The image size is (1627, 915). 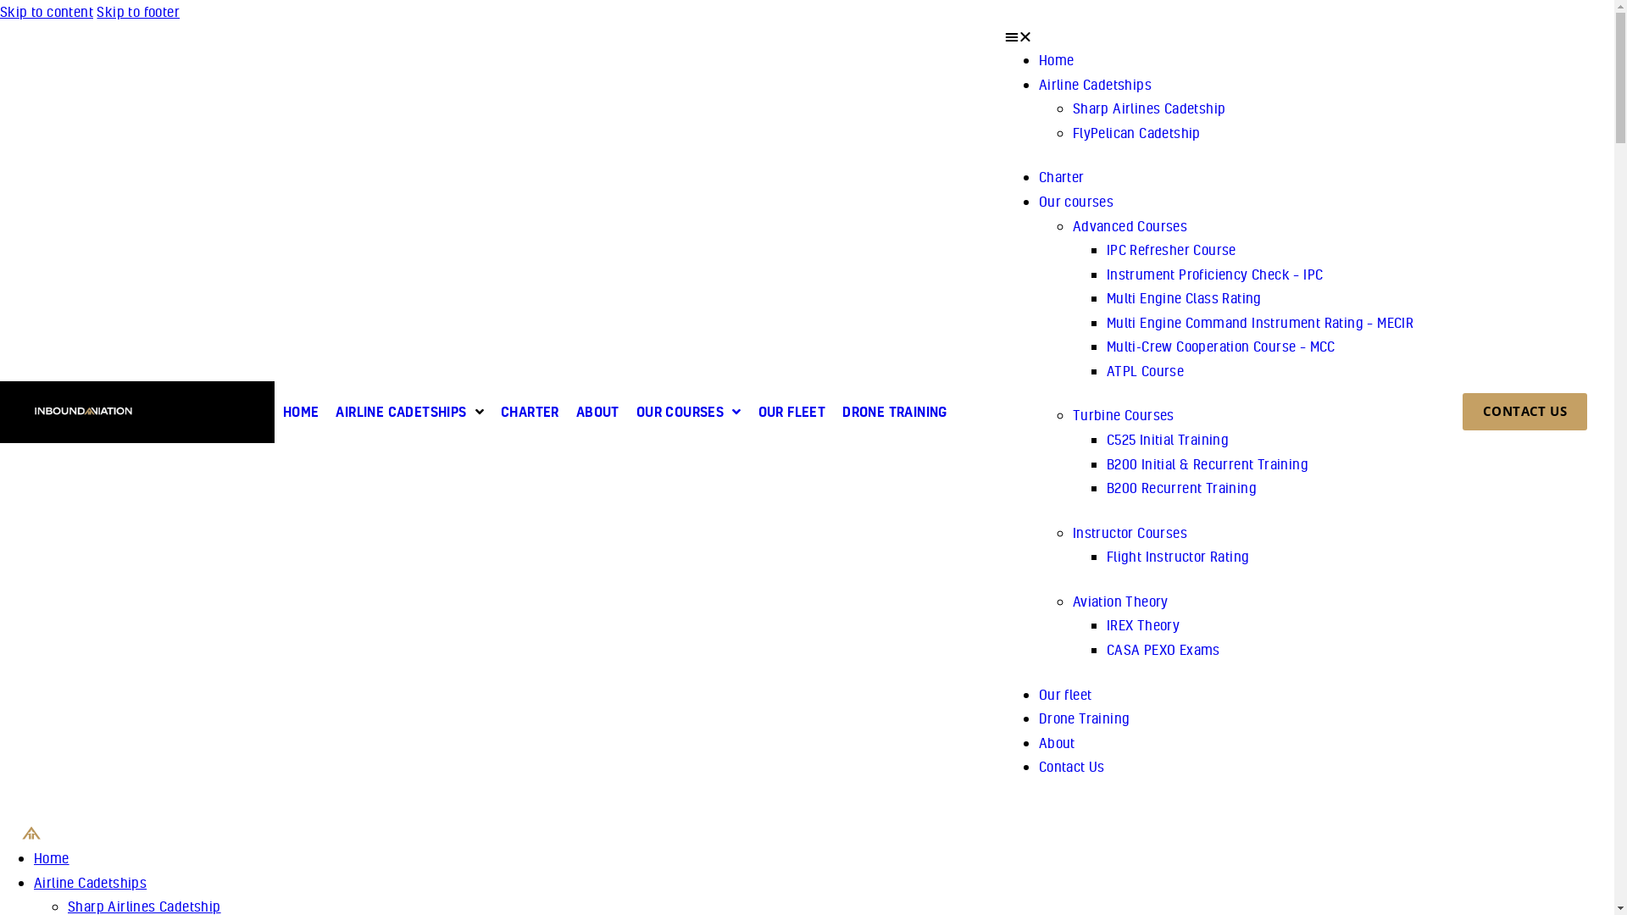 I want to click on 'OUR COURSES', so click(x=688, y=412).